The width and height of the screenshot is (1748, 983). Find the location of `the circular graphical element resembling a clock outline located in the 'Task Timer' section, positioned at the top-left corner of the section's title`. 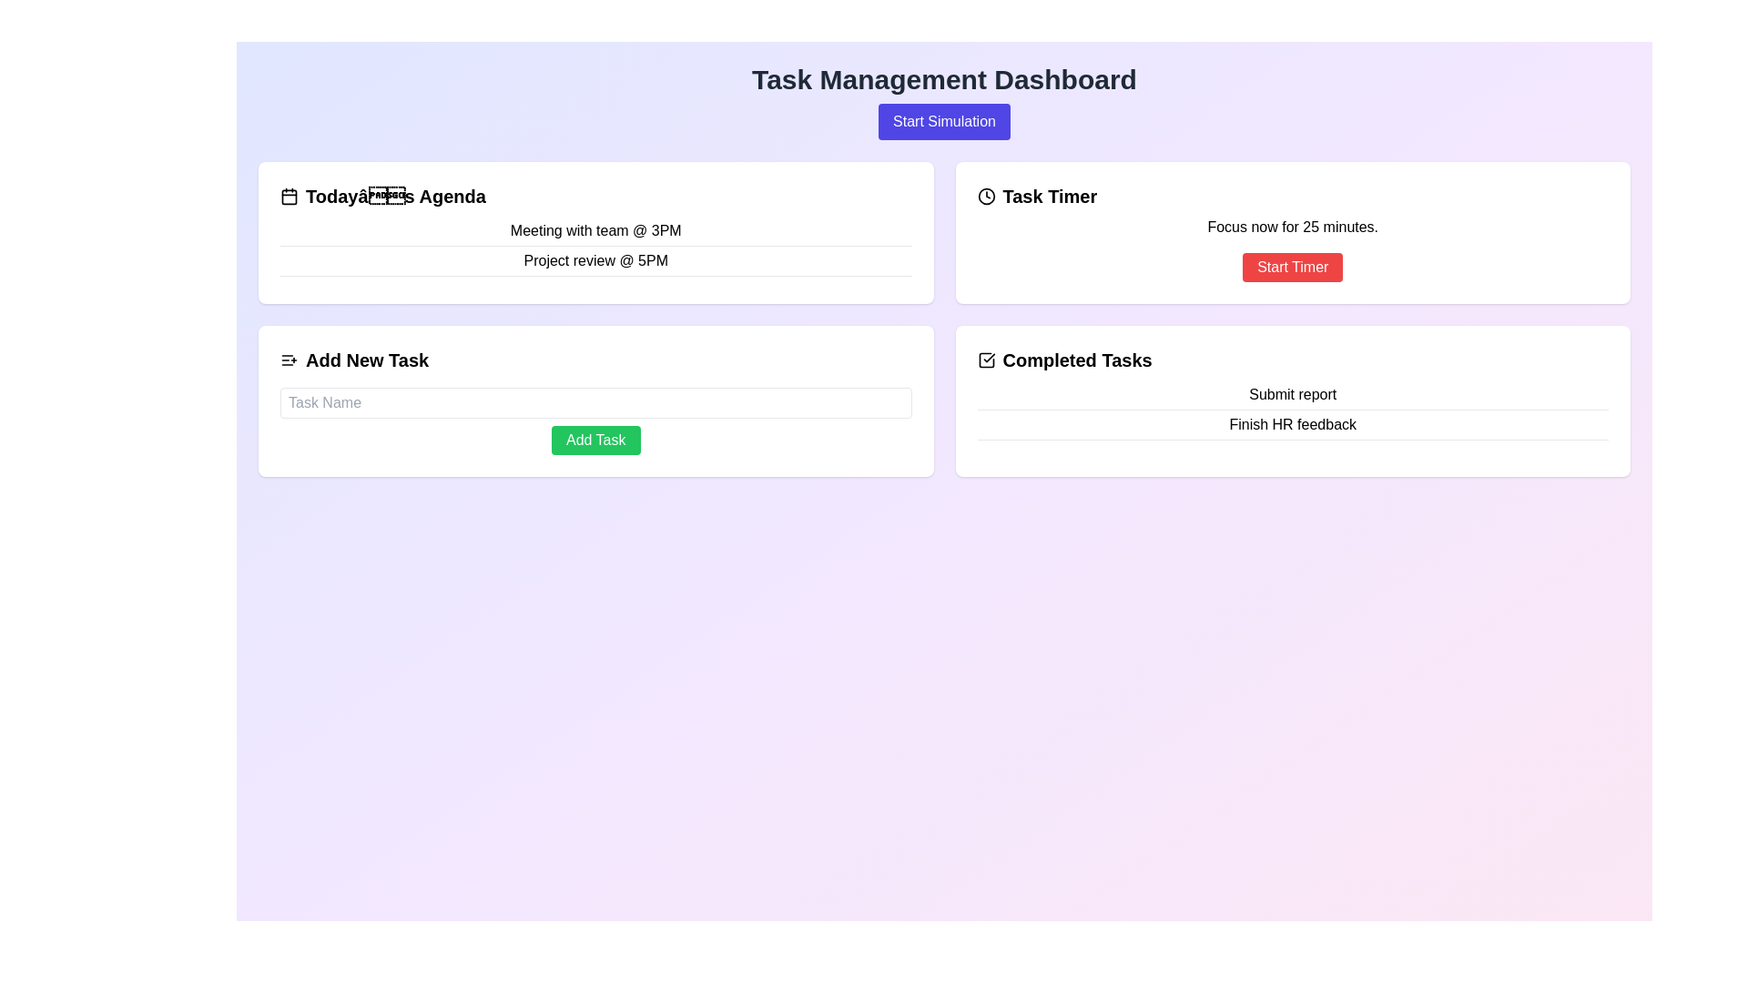

the circular graphical element resembling a clock outline located in the 'Task Timer' section, positioned at the top-left corner of the section's title is located at coordinates (985, 197).